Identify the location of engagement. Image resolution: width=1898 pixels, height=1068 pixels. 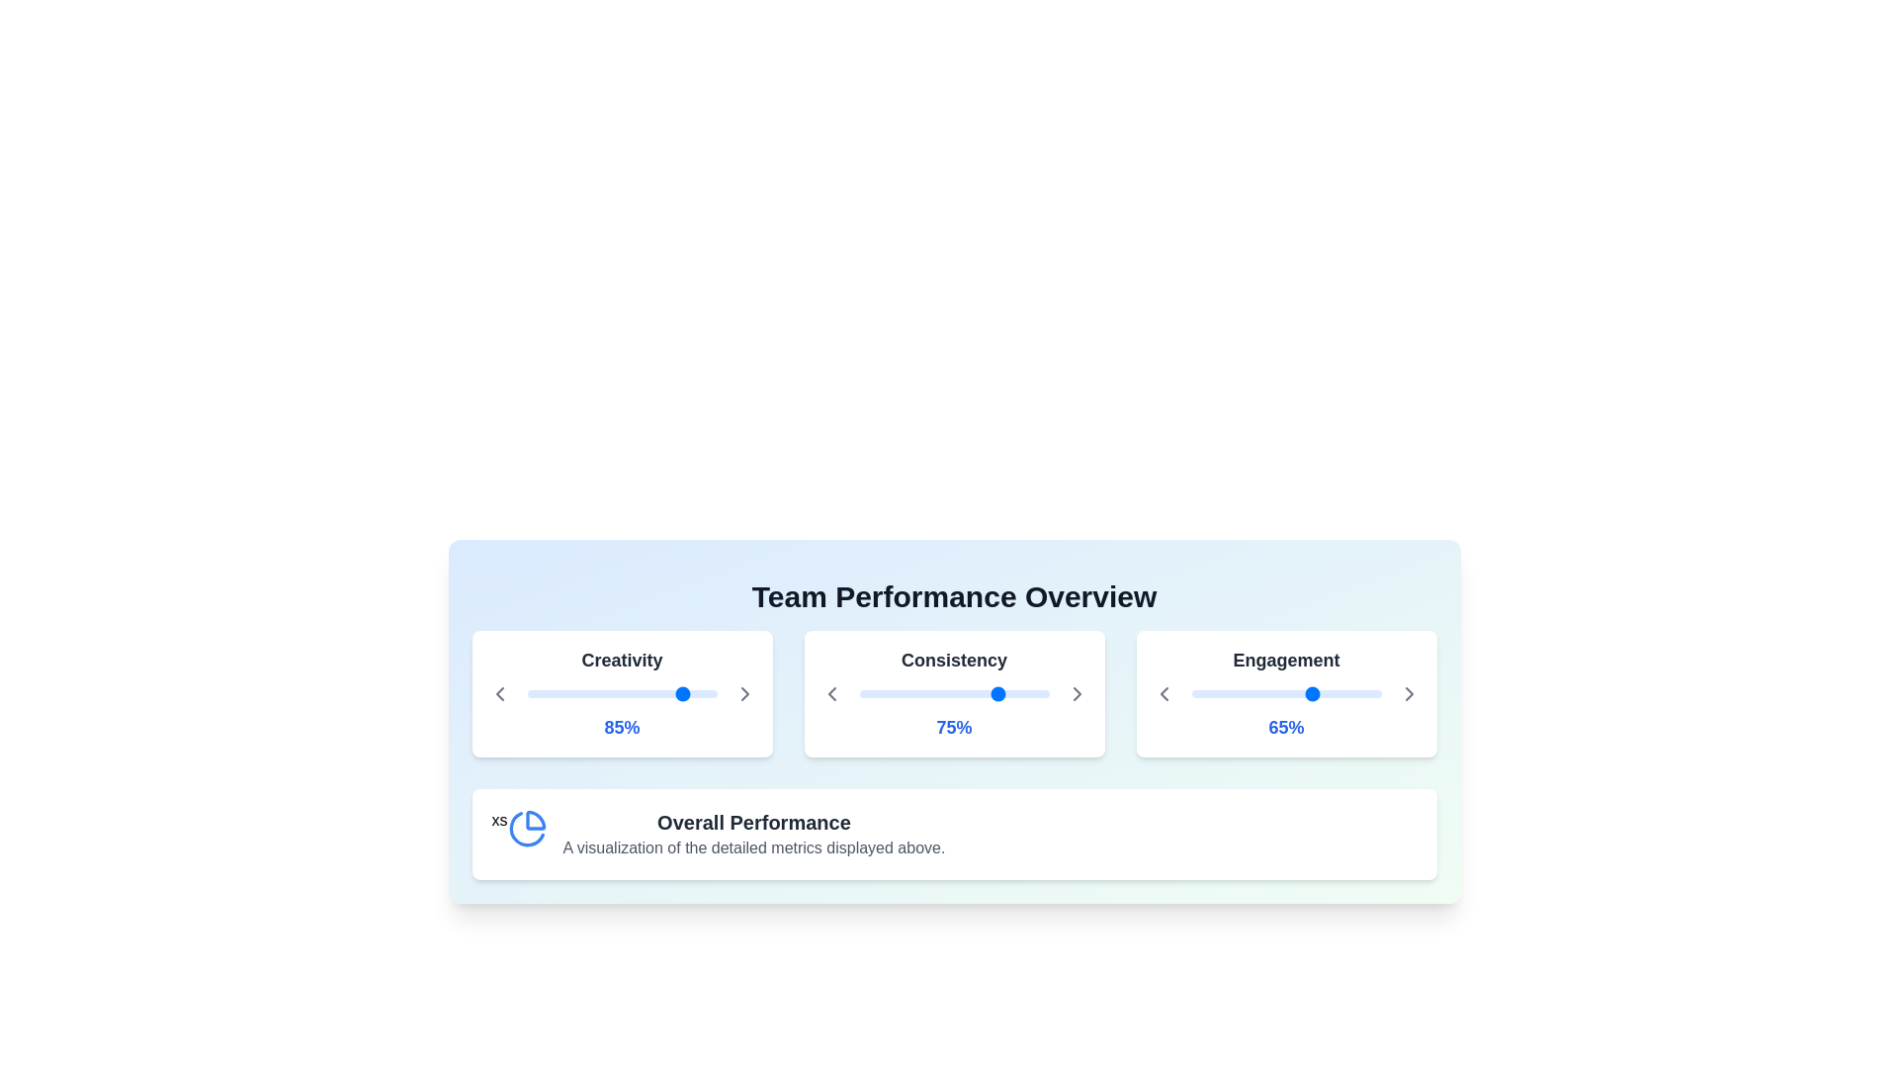
(1236, 693).